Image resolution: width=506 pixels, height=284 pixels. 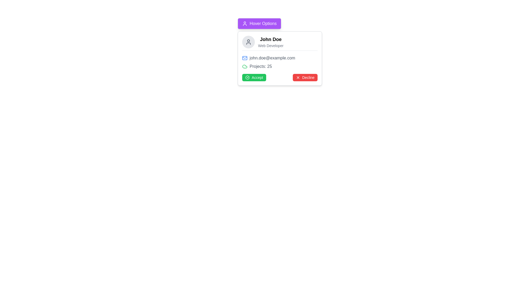 I want to click on the design of the icon that is positioned to the right of the 'Accept' button text, symbolizing confirmation or approval, so click(x=247, y=77).